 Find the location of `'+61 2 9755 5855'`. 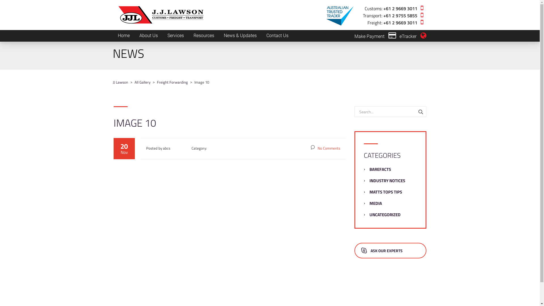

'+61 2 9755 5855' is located at coordinates (399, 15).